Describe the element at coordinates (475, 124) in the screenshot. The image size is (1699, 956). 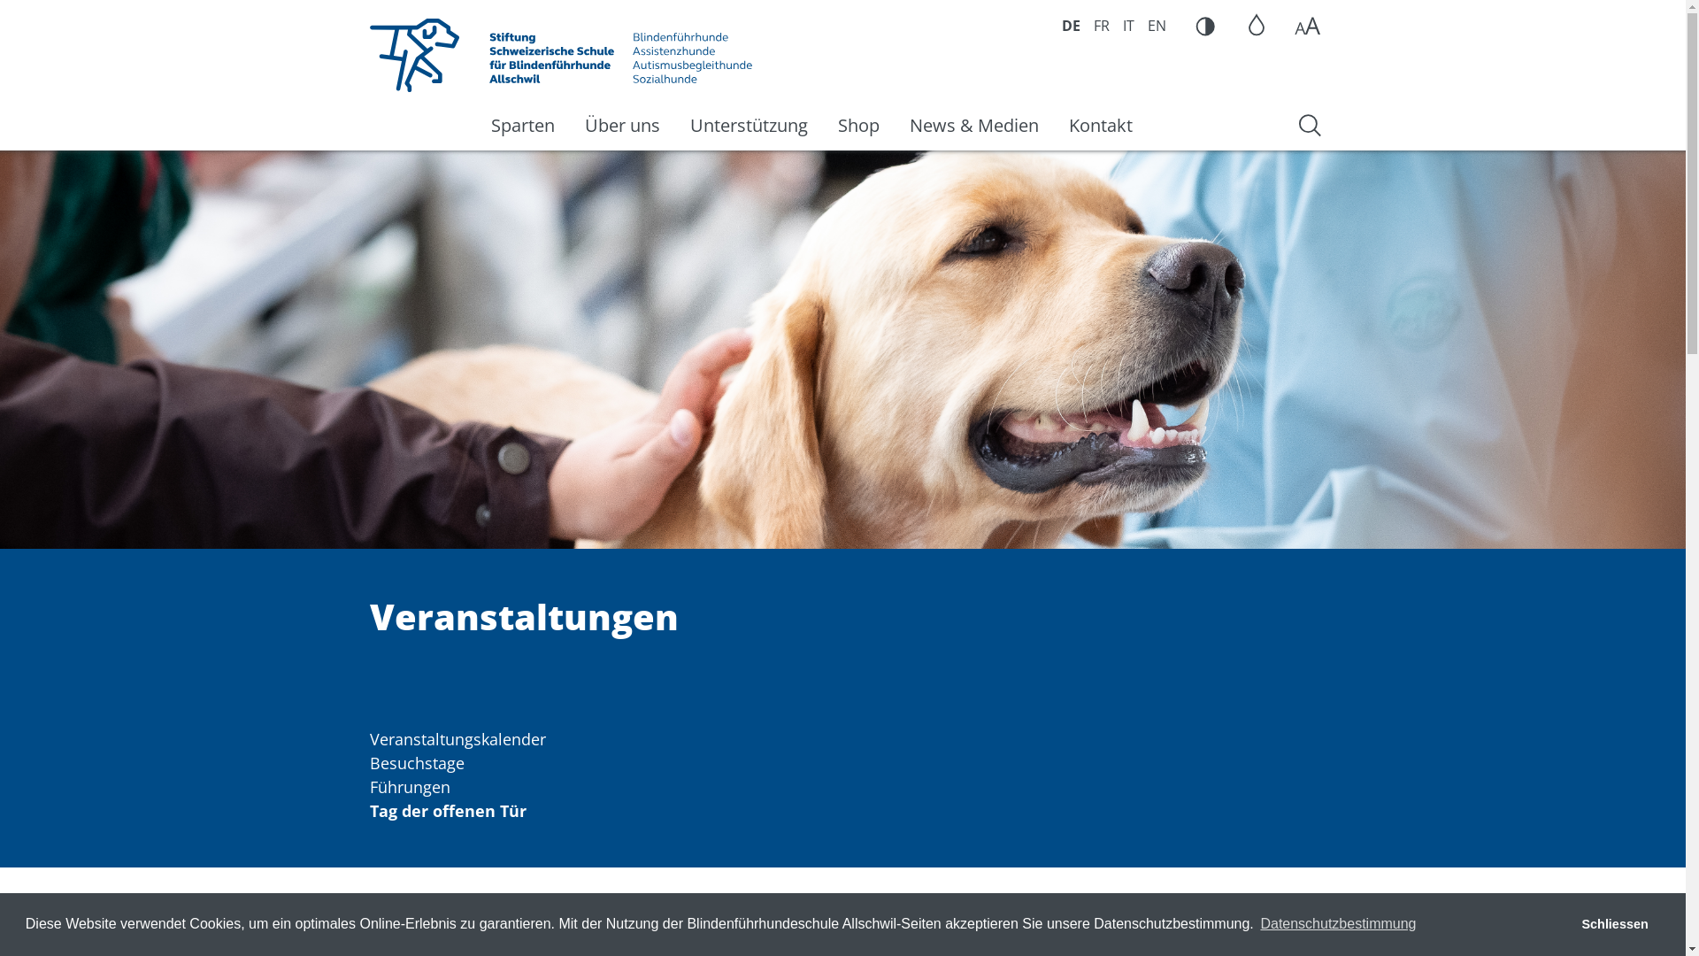
I see `'Sparten'` at that location.